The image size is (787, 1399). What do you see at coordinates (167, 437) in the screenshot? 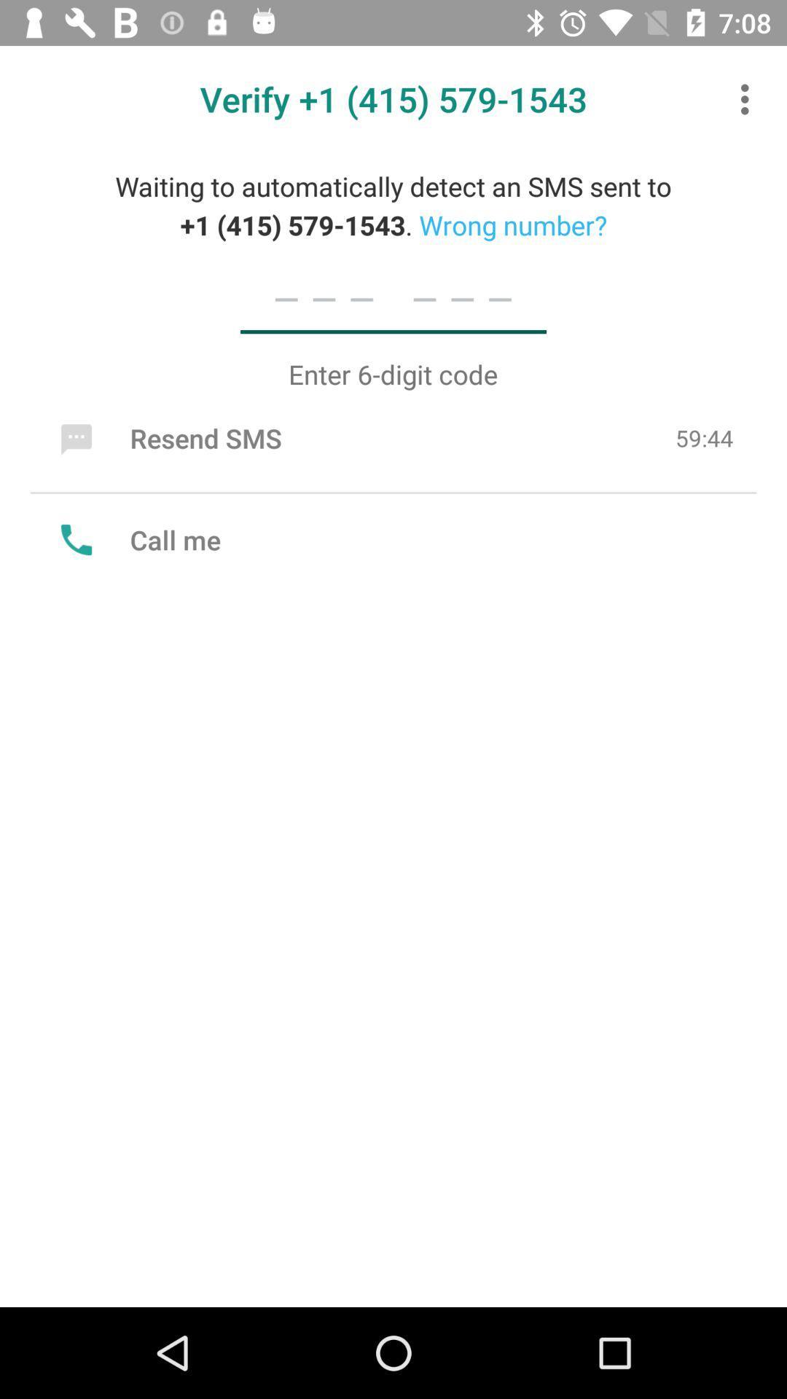
I see `the resend sms item` at bounding box center [167, 437].